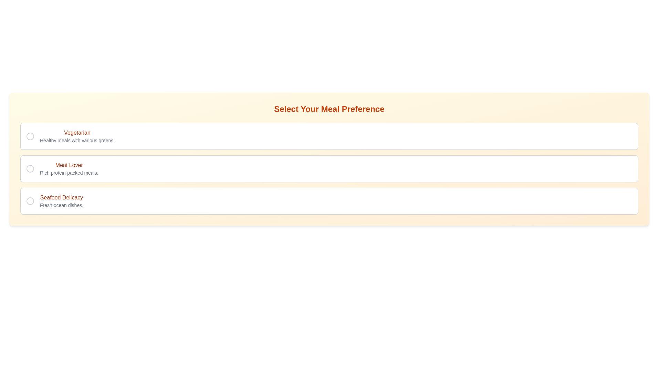 Image resolution: width=661 pixels, height=372 pixels. I want to click on the circular radio button next to the 'Vegetarian' label, so click(30, 136).